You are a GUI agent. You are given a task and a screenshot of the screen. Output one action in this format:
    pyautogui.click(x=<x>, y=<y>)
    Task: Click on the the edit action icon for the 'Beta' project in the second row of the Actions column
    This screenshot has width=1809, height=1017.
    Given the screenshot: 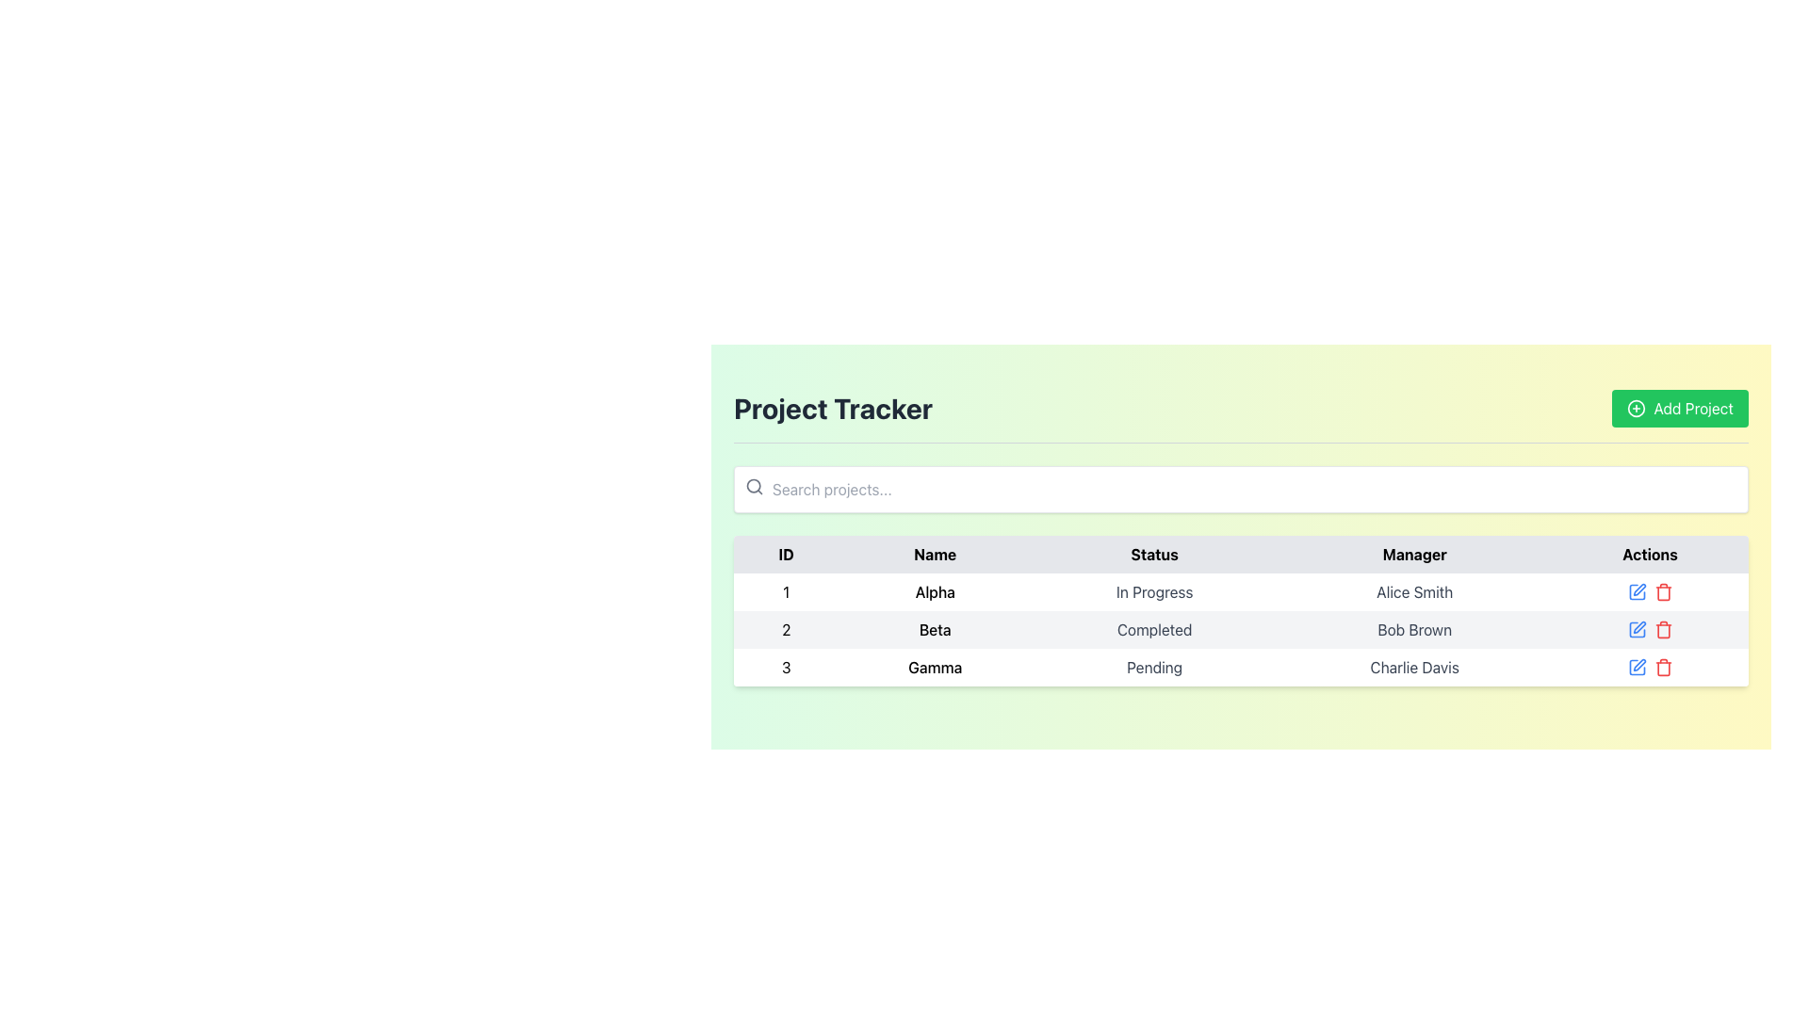 What is the action you would take?
    pyautogui.click(x=1638, y=627)
    